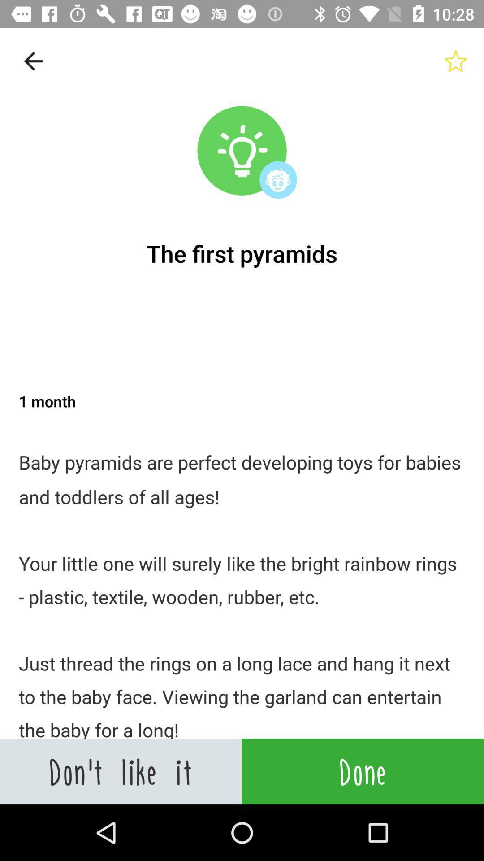 Image resolution: width=484 pixels, height=861 pixels. Describe the element at coordinates (121, 771) in the screenshot. I see `don t like` at that location.